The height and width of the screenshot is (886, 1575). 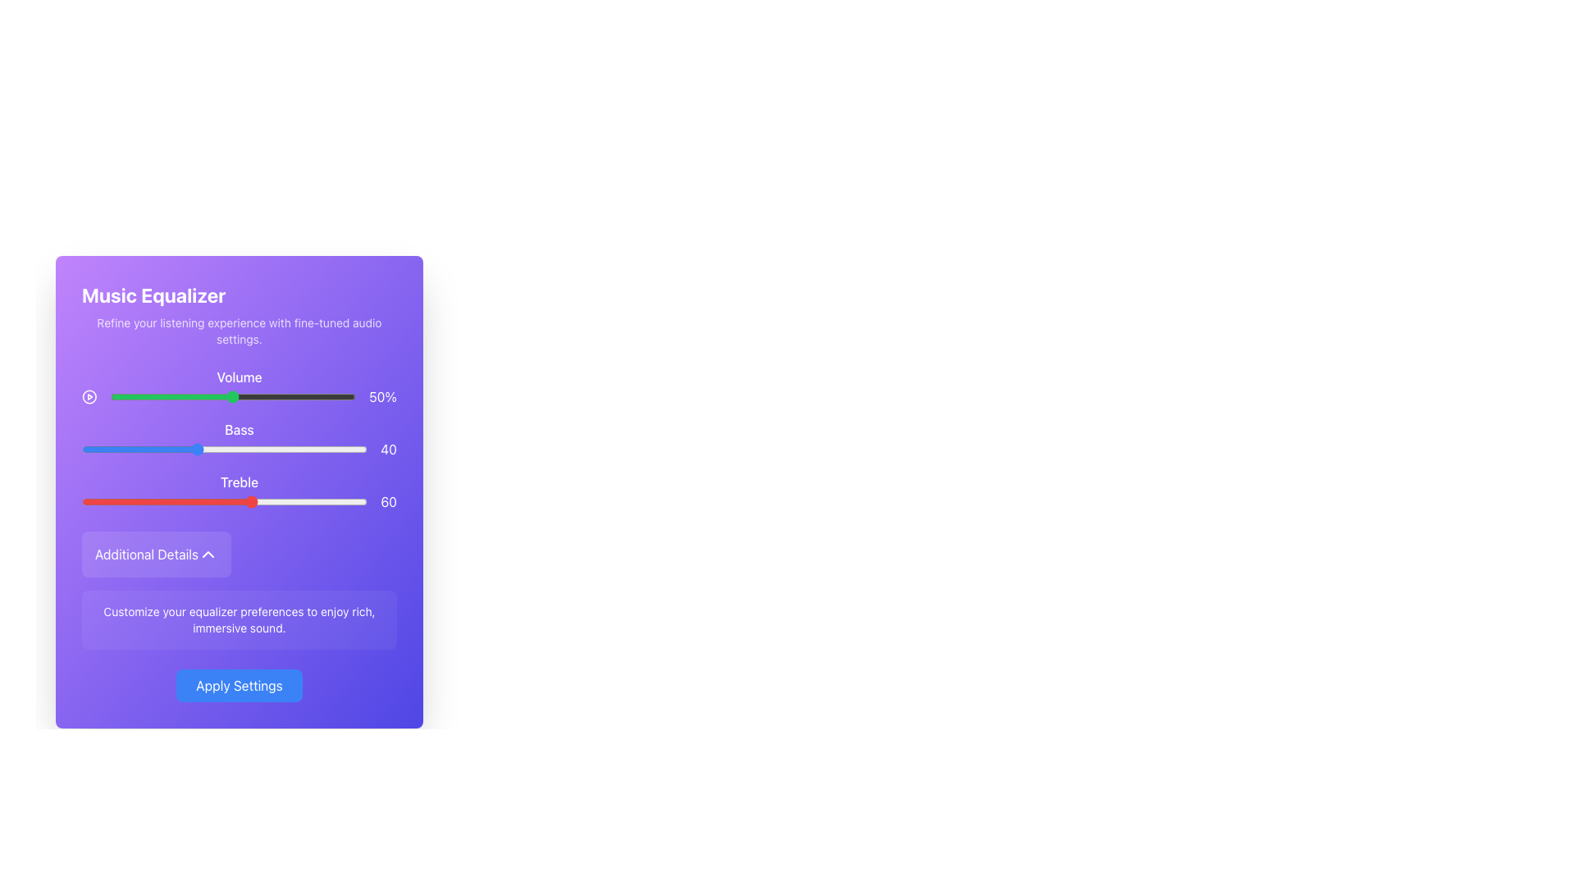 What do you see at coordinates (89, 396) in the screenshot?
I see `the Circular SVG Element, which is the outer ring of a circular play or pause button located in the upper-left region of the interface` at bounding box center [89, 396].